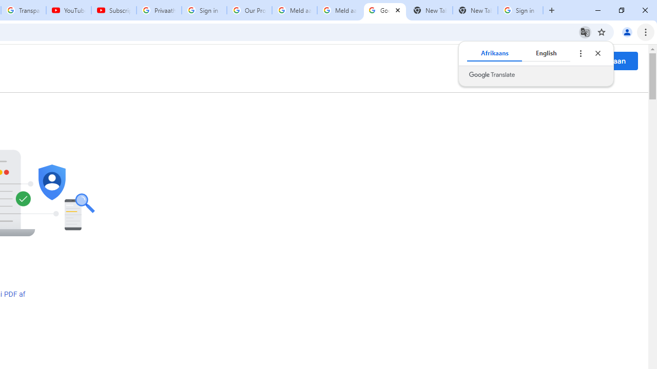 The height and width of the screenshot is (369, 657). I want to click on 'Subscriptions - YouTube', so click(114, 10).